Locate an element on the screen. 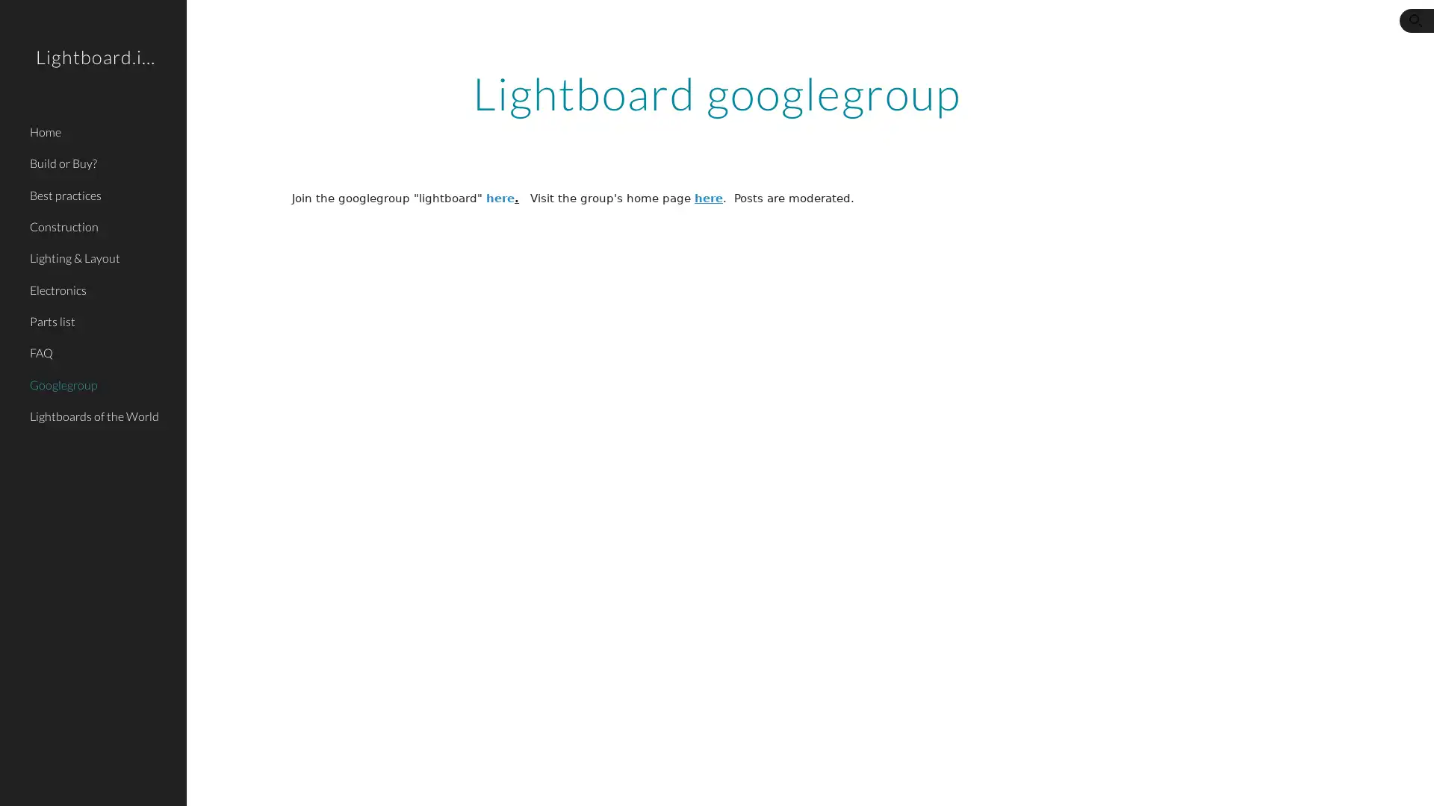 The image size is (1434, 806). Skip to main content is located at coordinates (588, 28).